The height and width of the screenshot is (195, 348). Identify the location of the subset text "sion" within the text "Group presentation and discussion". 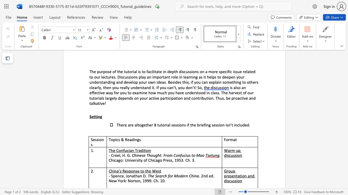
(235, 181).